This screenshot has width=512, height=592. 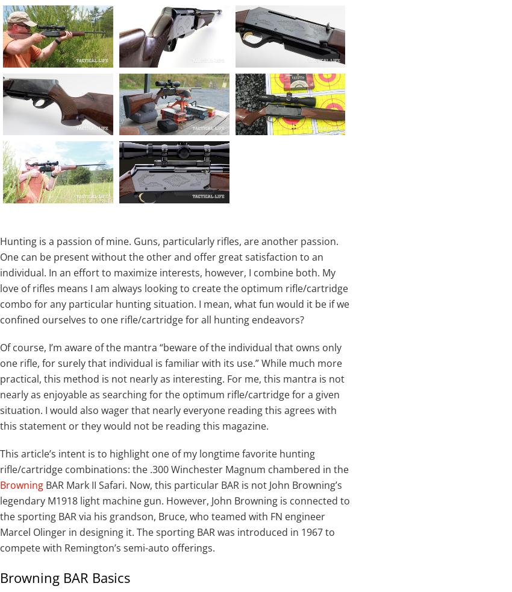 What do you see at coordinates (134, 68) in the screenshot?
I see `'The shape of the buttstock works well with the BAR’s drilled and tapped receiver for shooters who prefer optics.'` at bounding box center [134, 68].